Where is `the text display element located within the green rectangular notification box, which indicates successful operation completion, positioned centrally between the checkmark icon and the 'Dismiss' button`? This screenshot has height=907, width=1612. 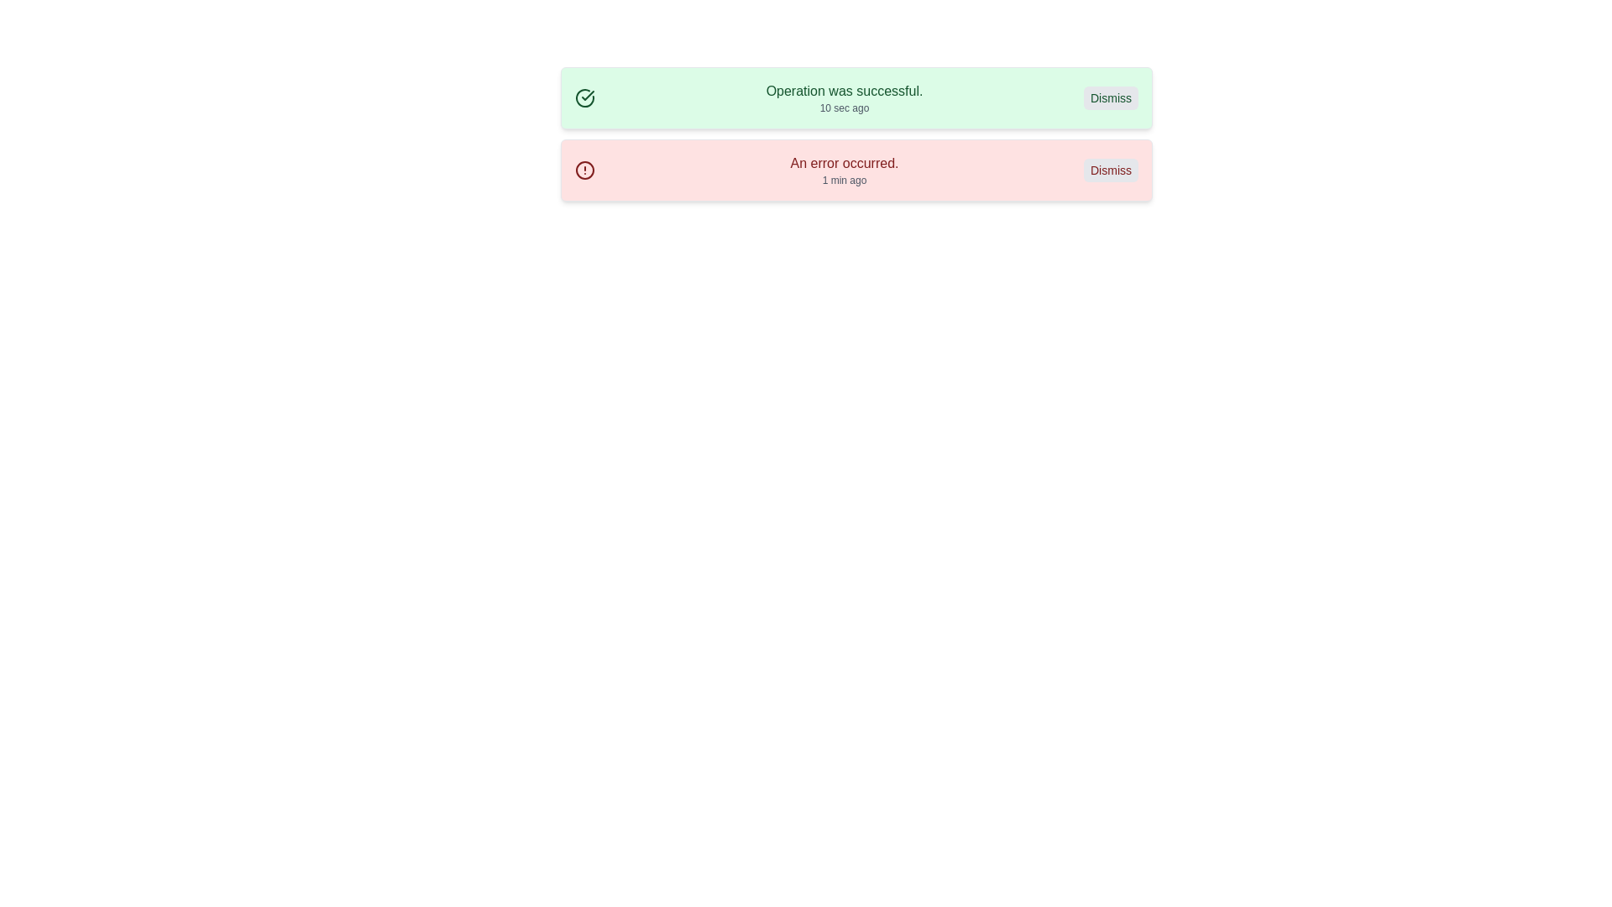 the text display element located within the green rectangular notification box, which indicates successful operation completion, positioned centrally between the checkmark icon and the 'Dismiss' button is located at coordinates (845, 97).